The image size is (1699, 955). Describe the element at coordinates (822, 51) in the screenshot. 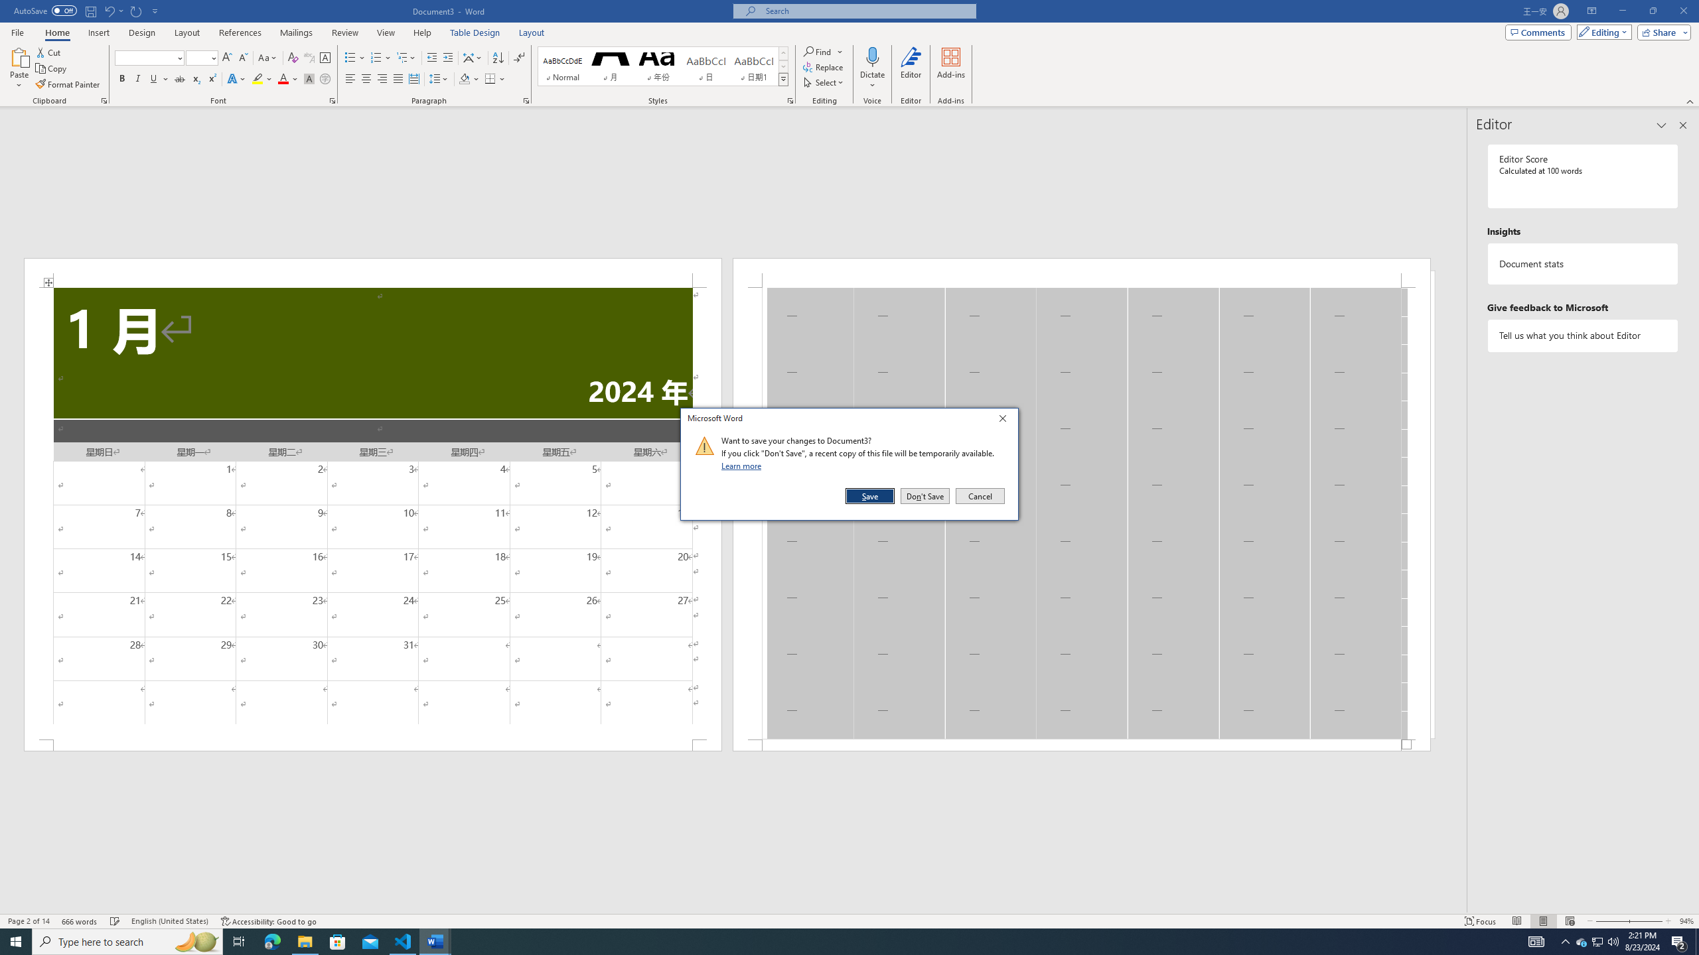

I see `'Find'` at that location.